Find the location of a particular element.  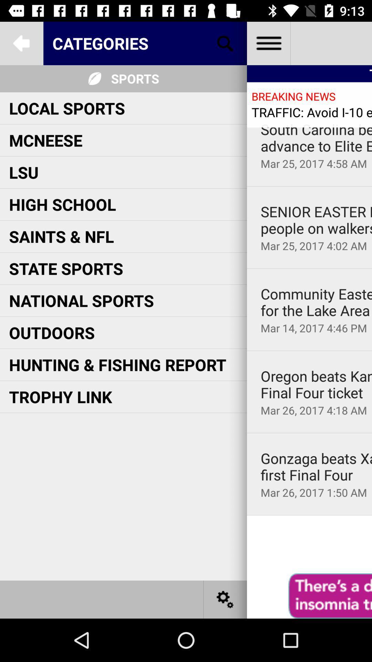

the settings icon is located at coordinates (225, 599).